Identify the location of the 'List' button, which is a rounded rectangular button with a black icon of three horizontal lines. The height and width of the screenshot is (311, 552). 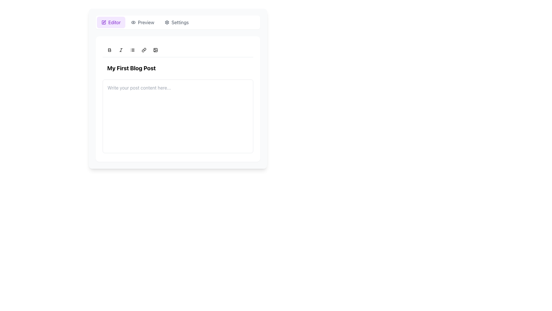
(132, 50).